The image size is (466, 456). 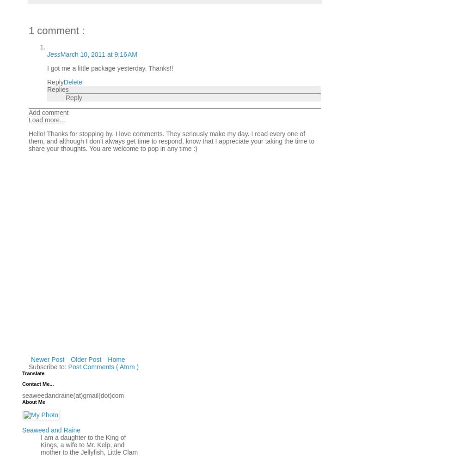 What do you see at coordinates (33, 401) in the screenshot?
I see `'About Me'` at bounding box center [33, 401].